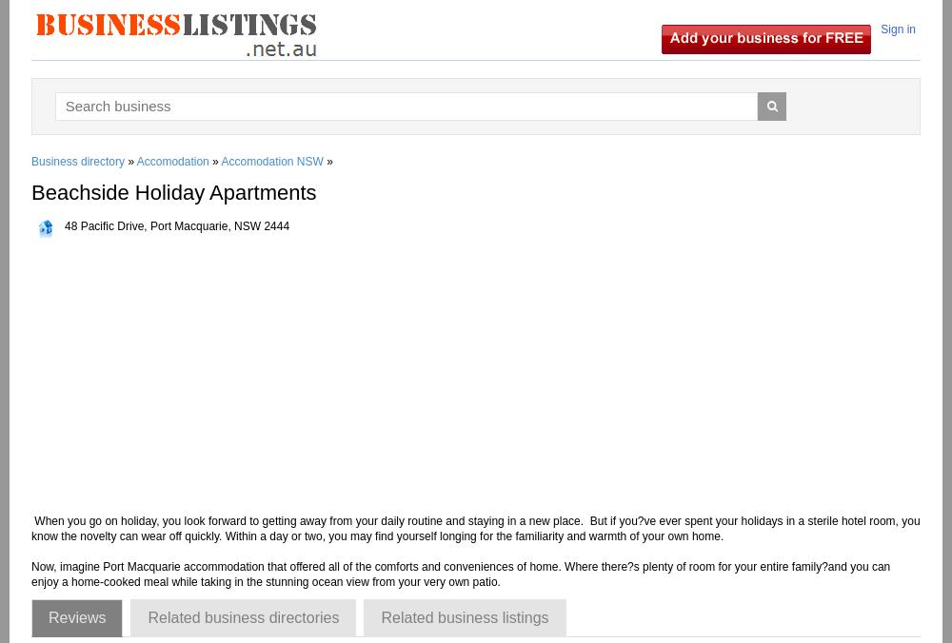 The height and width of the screenshot is (643, 952). Describe the element at coordinates (897, 29) in the screenshot. I see `'Sign in'` at that location.